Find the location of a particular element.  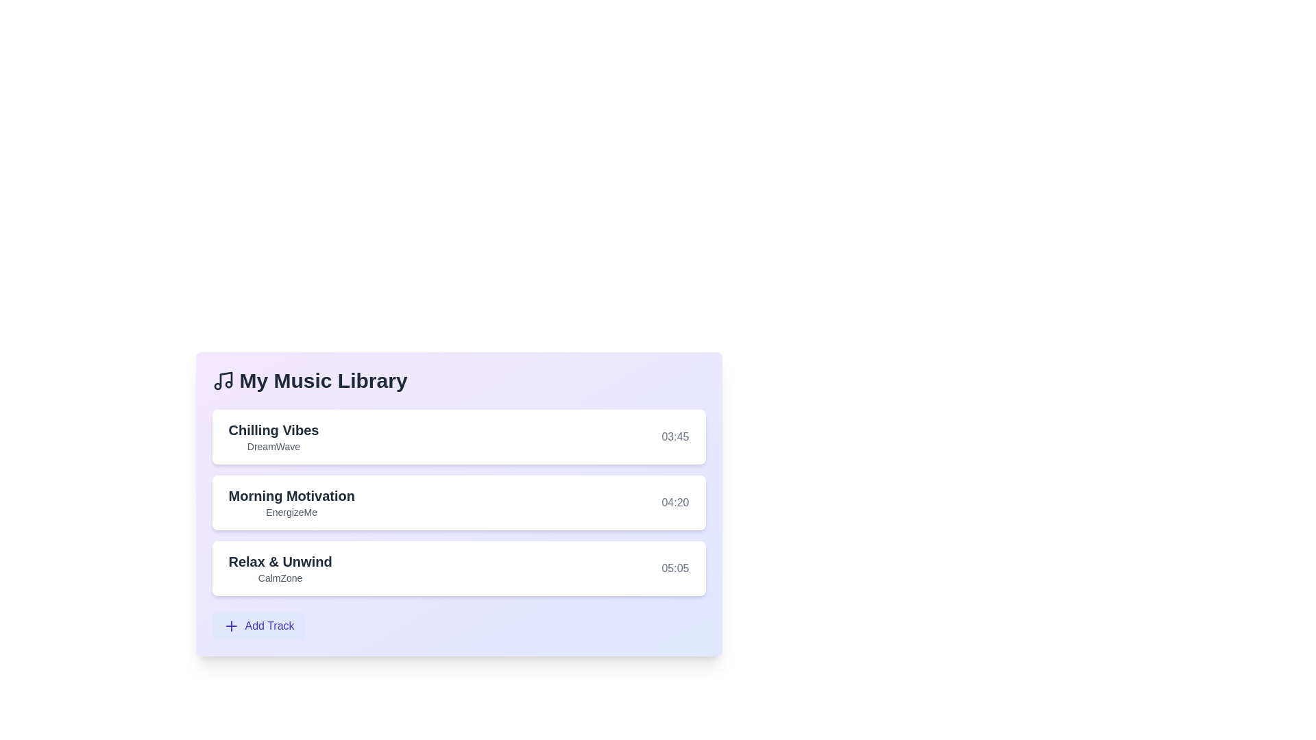

the track titled Morning Motivation is located at coordinates (291, 496).